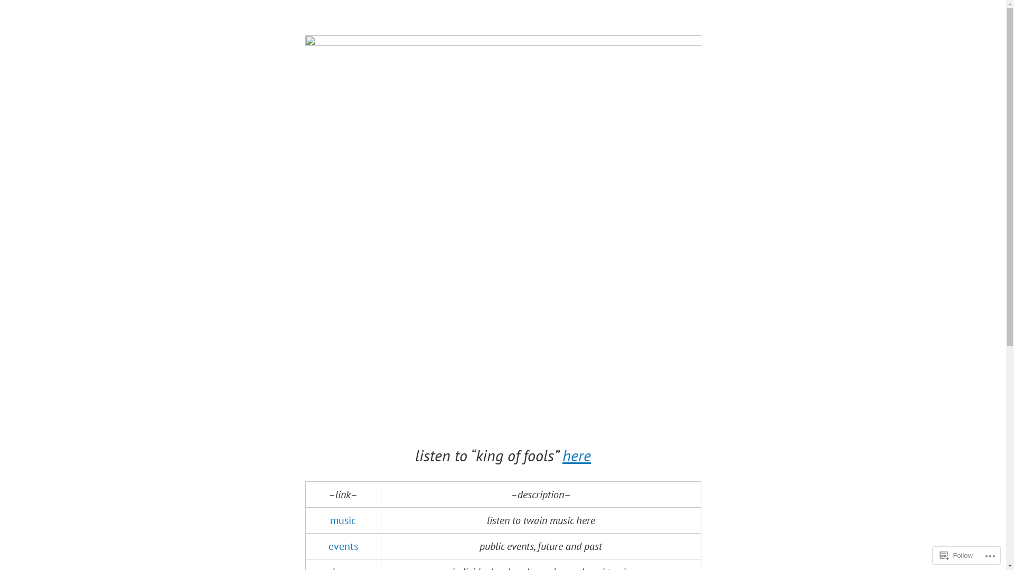  What do you see at coordinates (576, 454) in the screenshot?
I see `'here'` at bounding box center [576, 454].